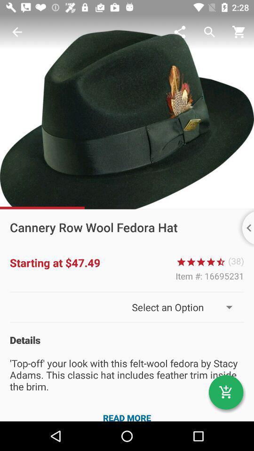 The width and height of the screenshot is (254, 451). Describe the element at coordinates (225, 392) in the screenshot. I see `the cart icon` at that location.